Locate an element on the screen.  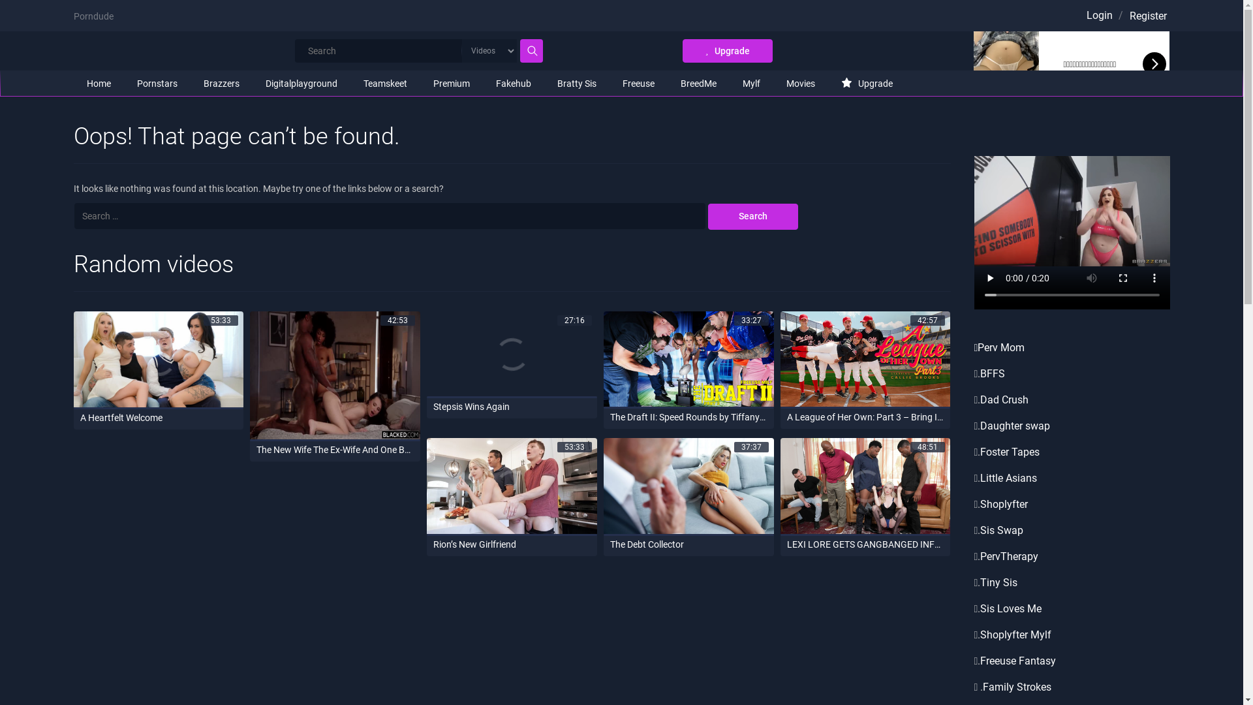
'Mylf' is located at coordinates (751, 83).